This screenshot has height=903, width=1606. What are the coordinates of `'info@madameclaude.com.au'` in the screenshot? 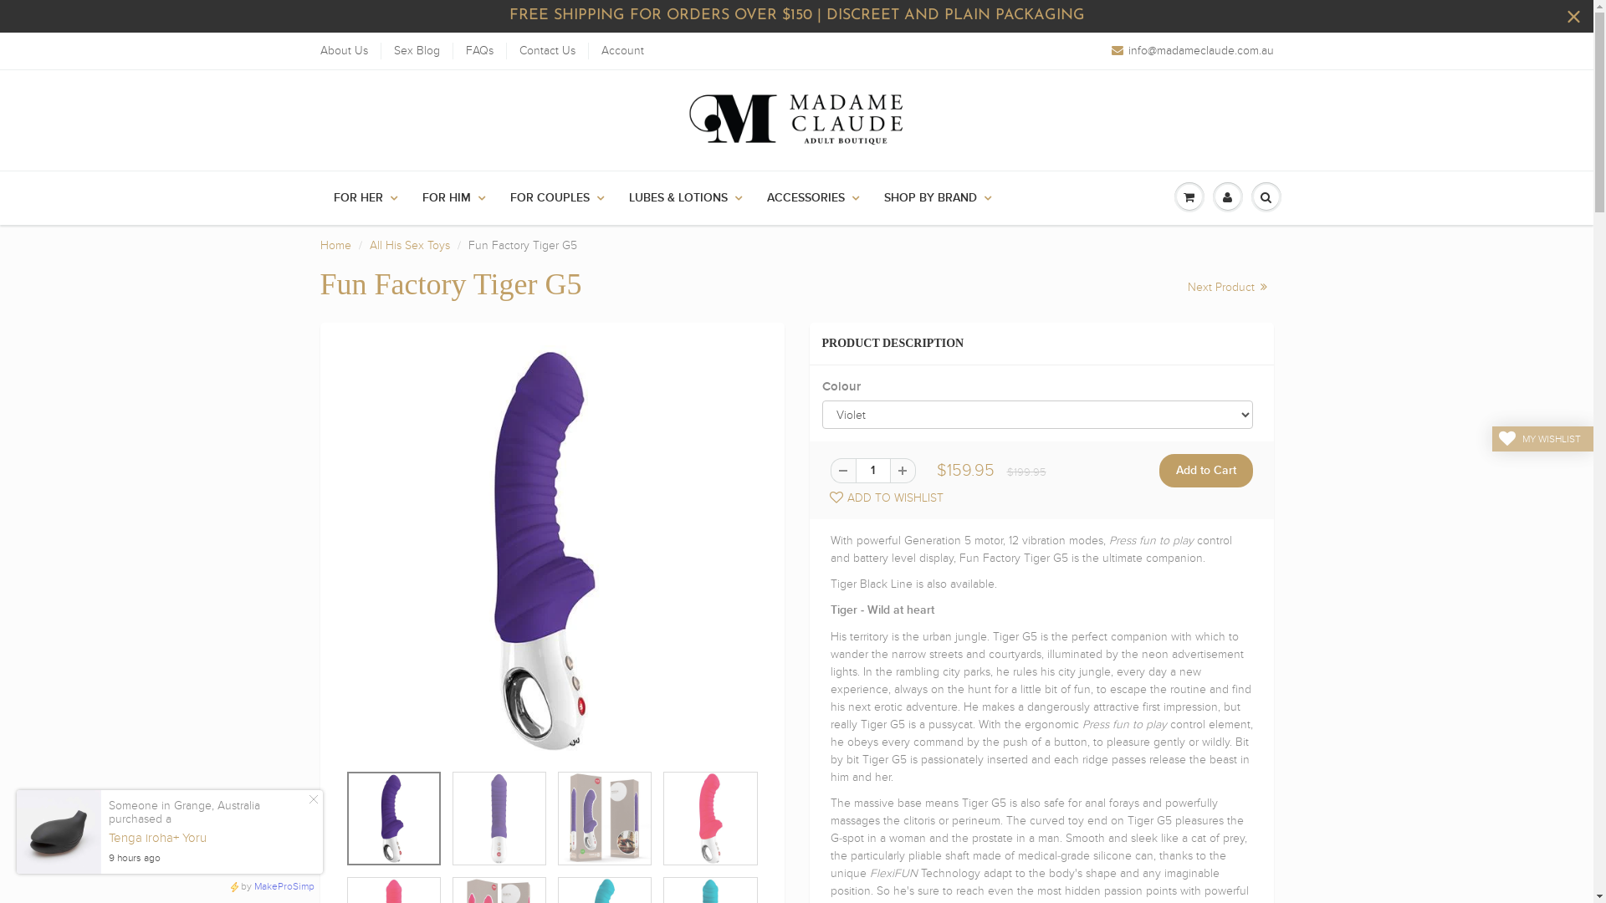 It's located at (1191, 50).